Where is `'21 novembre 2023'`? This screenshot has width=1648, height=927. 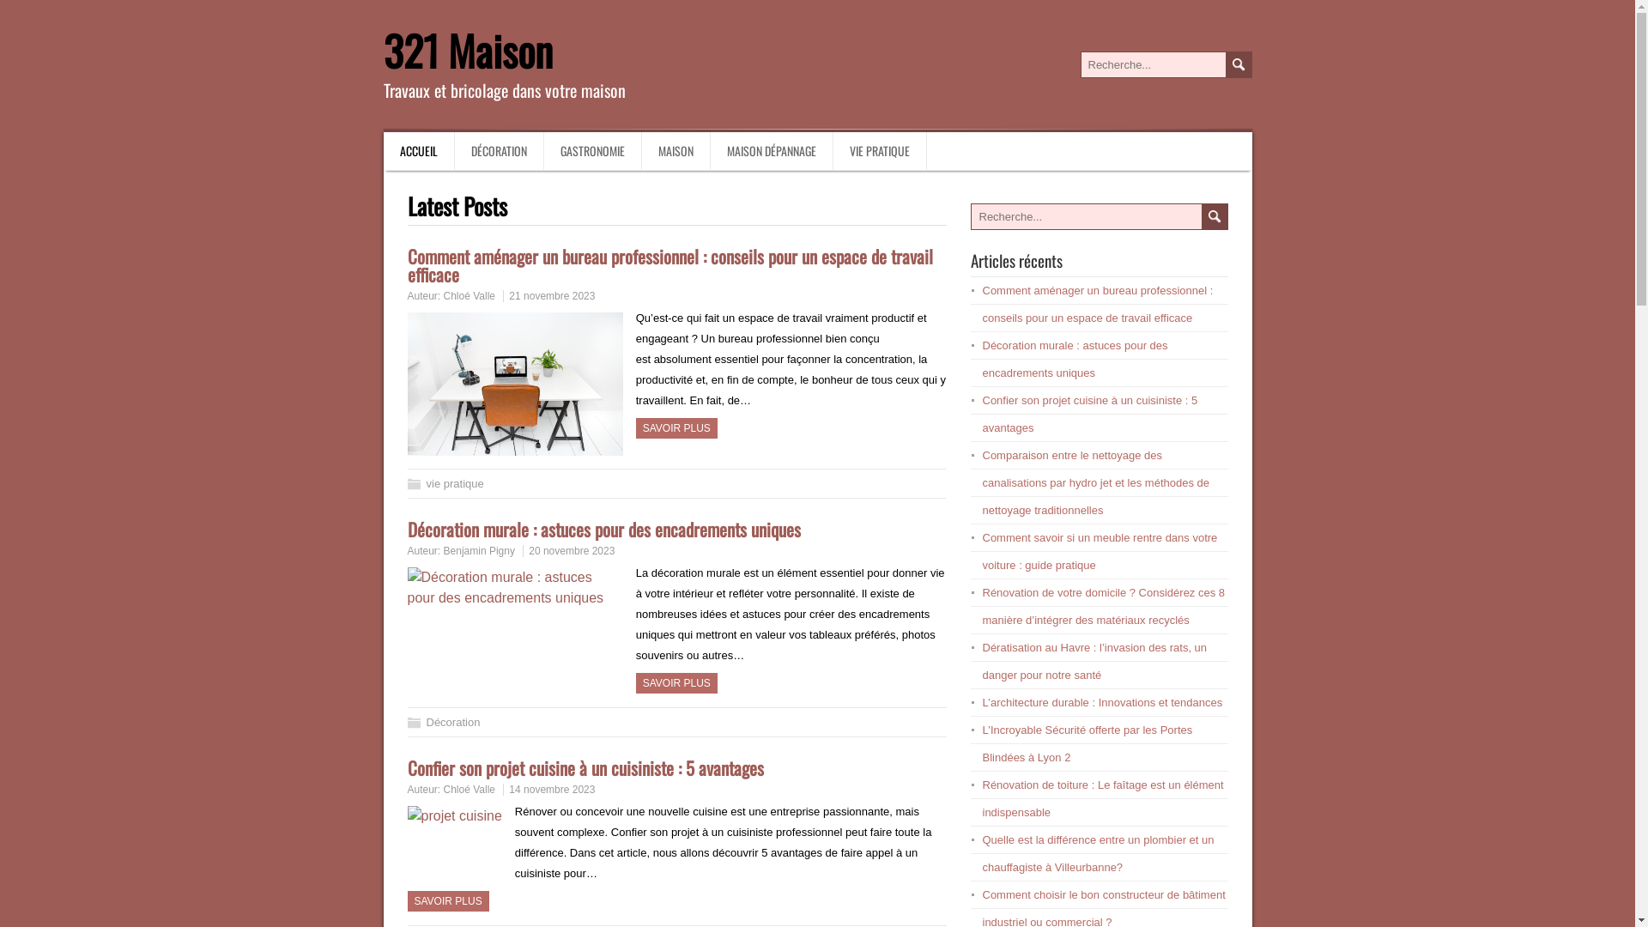
'21 novembre 2023' is located at coordinates (552, 294).